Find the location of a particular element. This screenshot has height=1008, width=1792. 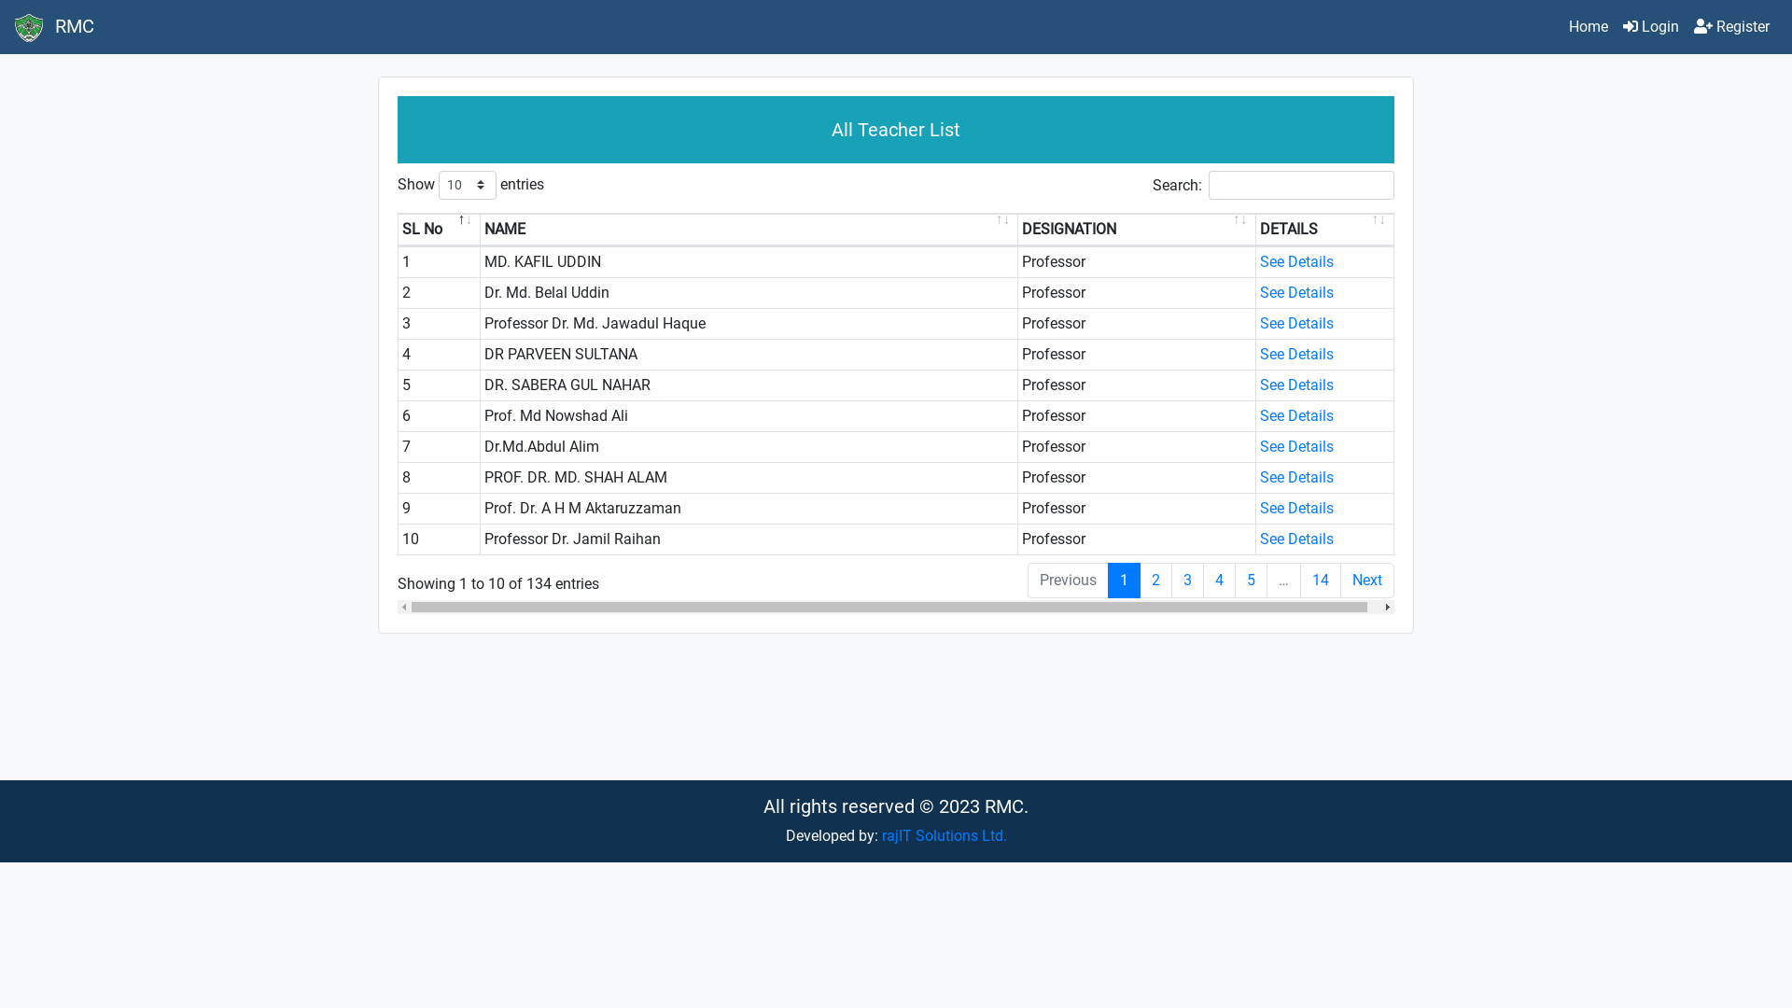

'Register' is located at coordinates (1686, 27).